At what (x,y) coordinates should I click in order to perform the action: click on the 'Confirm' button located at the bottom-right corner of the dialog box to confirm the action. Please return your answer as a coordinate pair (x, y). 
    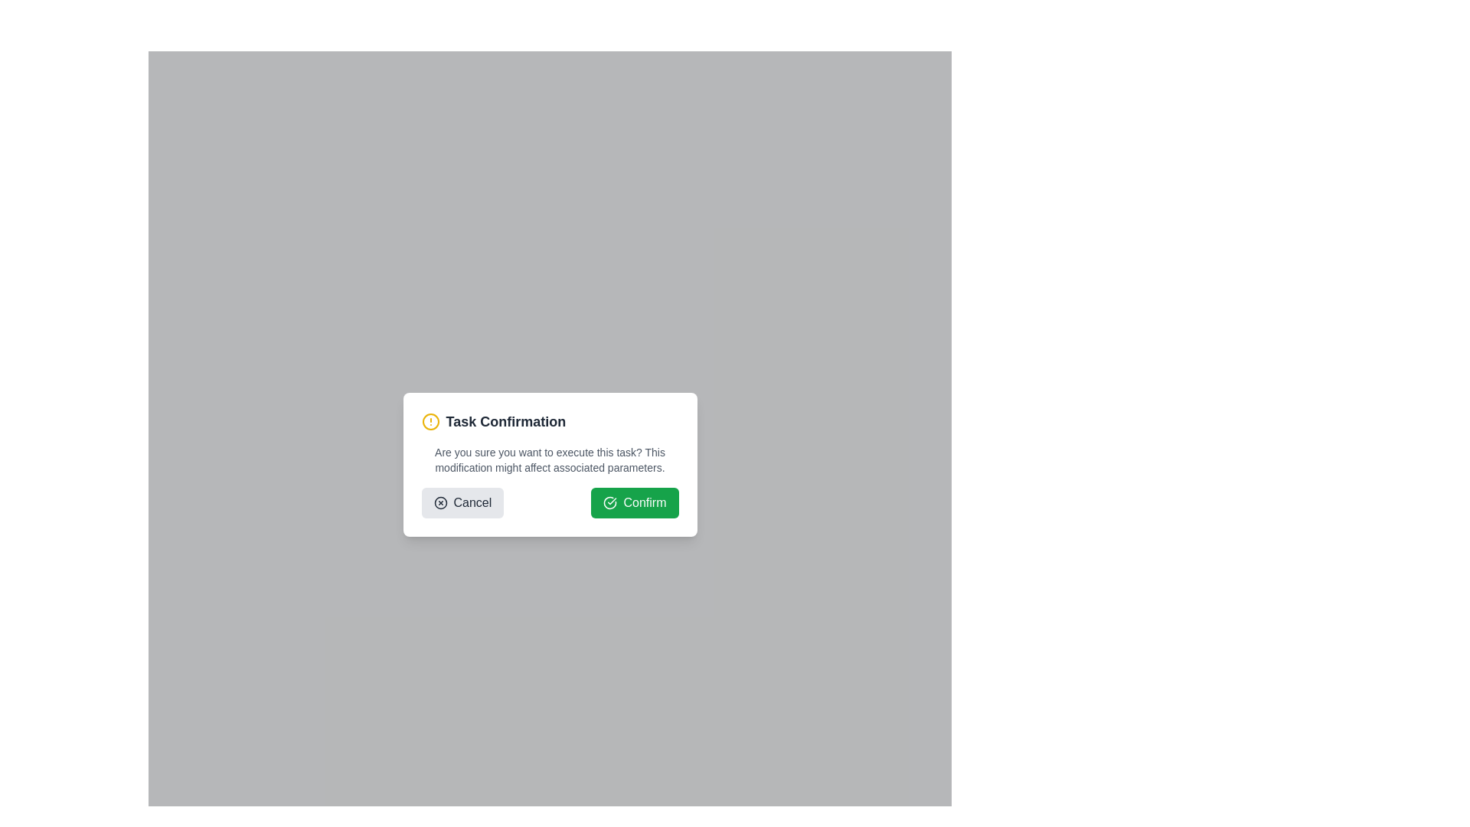
    Looking at the image, I should click on (635, 502).